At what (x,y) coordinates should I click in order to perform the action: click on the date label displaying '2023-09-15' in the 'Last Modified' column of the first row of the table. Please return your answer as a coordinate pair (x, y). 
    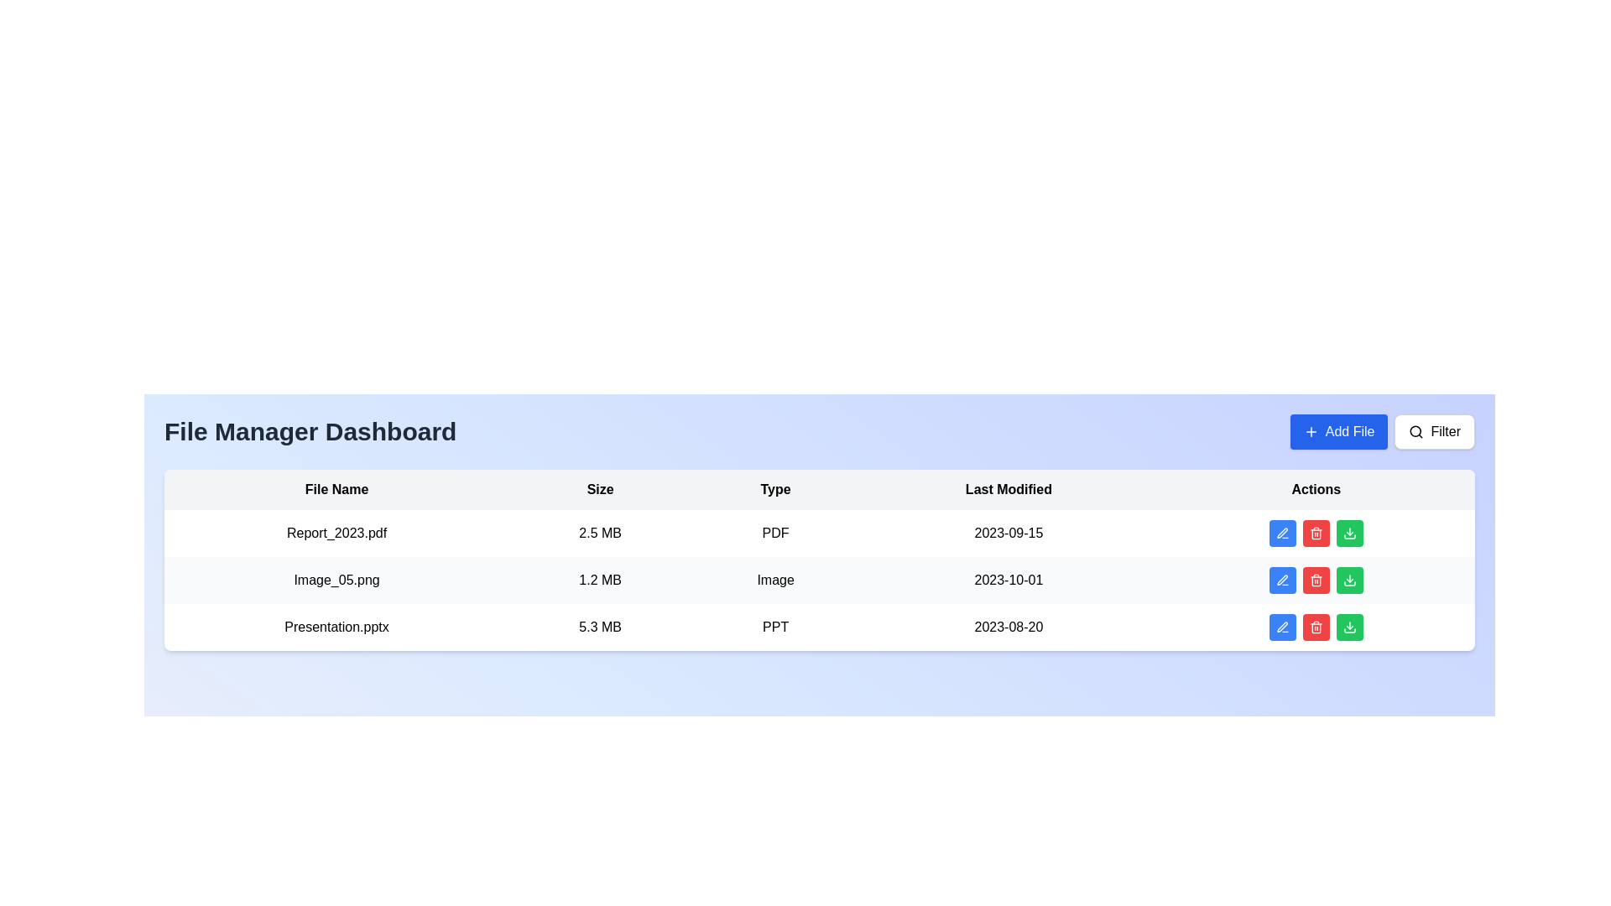
    Looking at the image, I should click on (1008, 534).